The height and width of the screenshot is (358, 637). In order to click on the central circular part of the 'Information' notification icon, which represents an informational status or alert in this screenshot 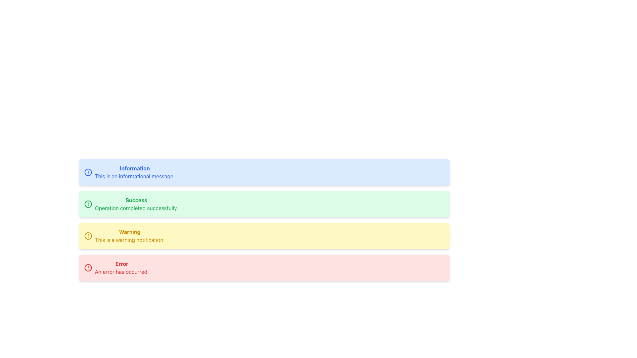, I will do `click(88, 172)`.